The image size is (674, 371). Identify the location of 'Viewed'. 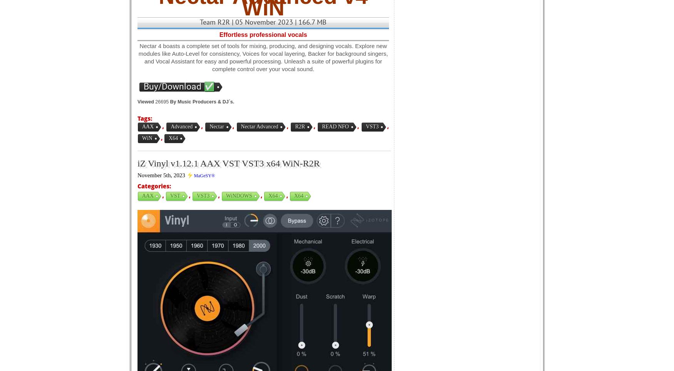
(145, 101).